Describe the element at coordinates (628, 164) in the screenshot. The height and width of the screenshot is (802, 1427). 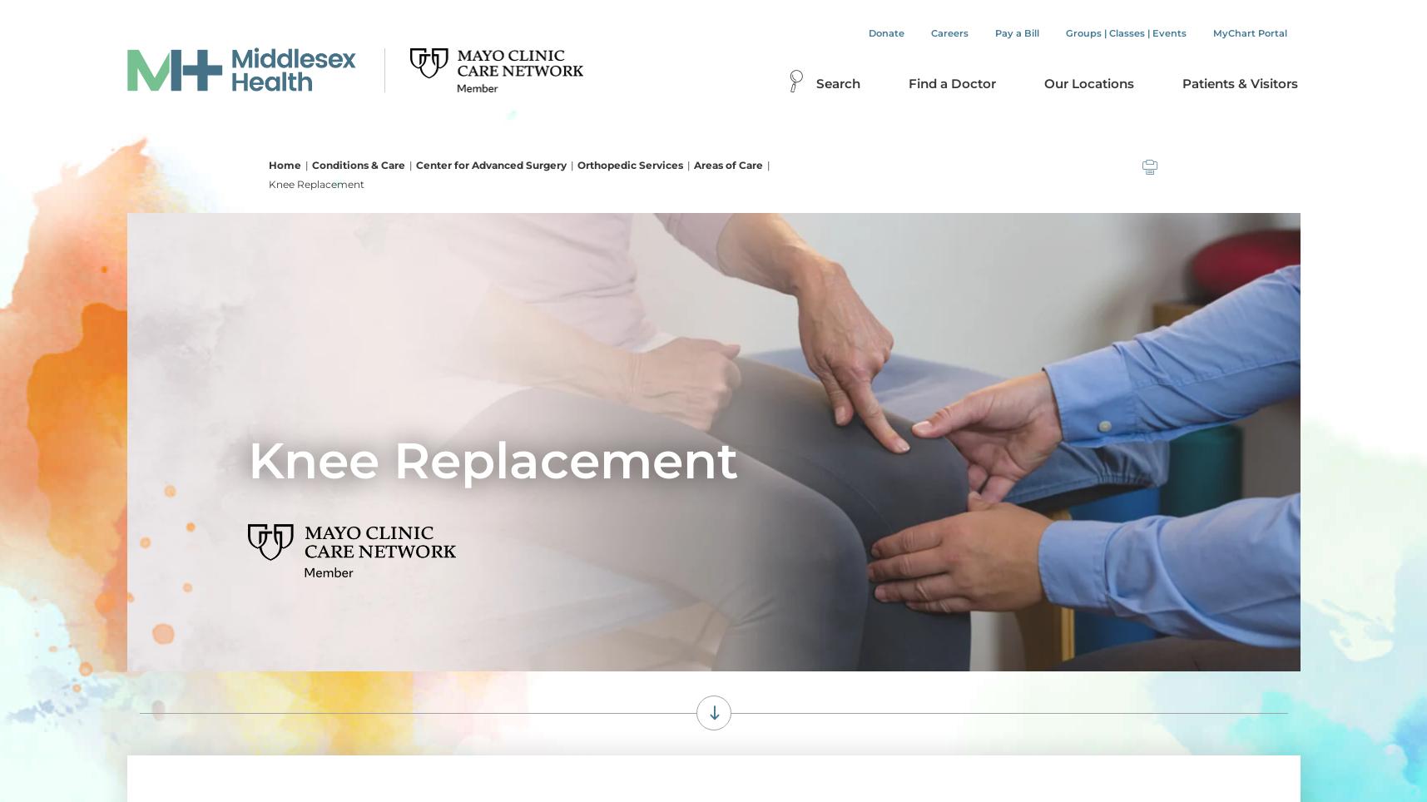
I see `'Orthopedic Services'` at that location.